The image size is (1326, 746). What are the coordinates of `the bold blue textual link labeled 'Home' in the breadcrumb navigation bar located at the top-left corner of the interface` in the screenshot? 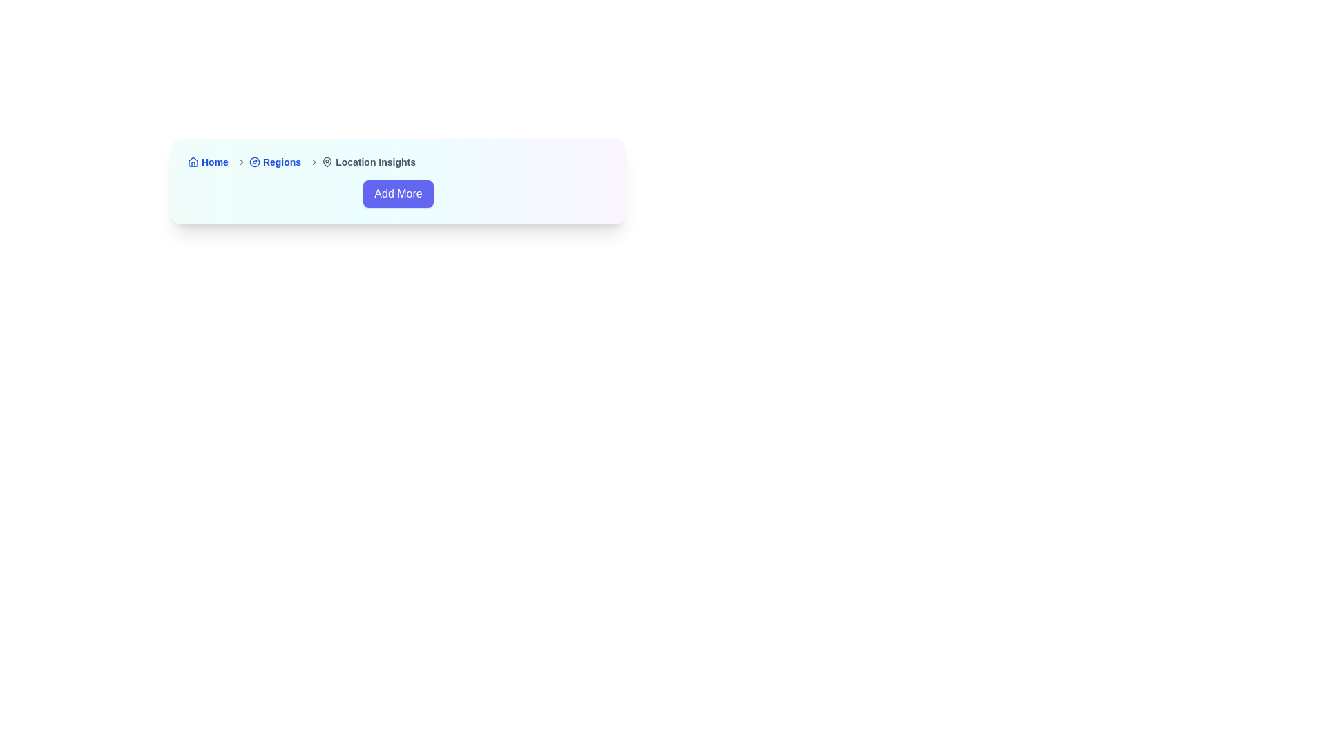 It's located at (214, 162).